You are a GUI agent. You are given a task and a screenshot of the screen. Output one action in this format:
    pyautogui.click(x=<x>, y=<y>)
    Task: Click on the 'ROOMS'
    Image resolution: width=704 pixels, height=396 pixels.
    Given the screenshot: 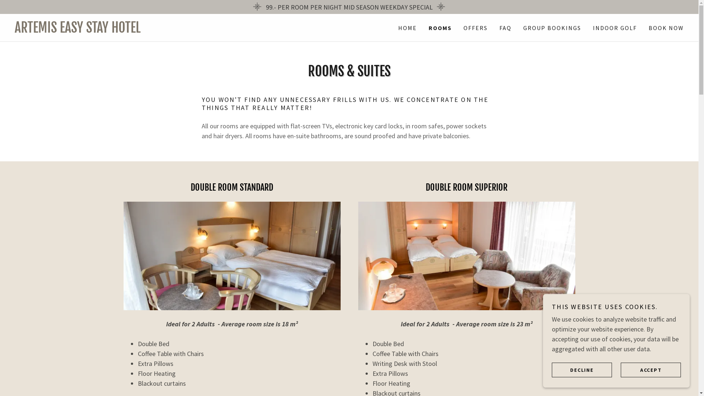 What is the action you would take?
    pyautogui.click(x=440, y=27)
    